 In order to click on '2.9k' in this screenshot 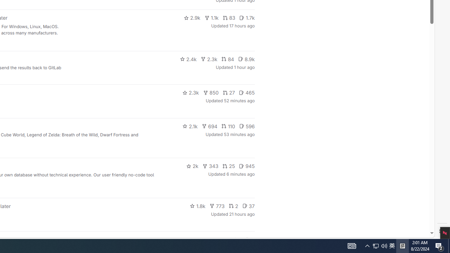, I will do `click(192, 18)`.